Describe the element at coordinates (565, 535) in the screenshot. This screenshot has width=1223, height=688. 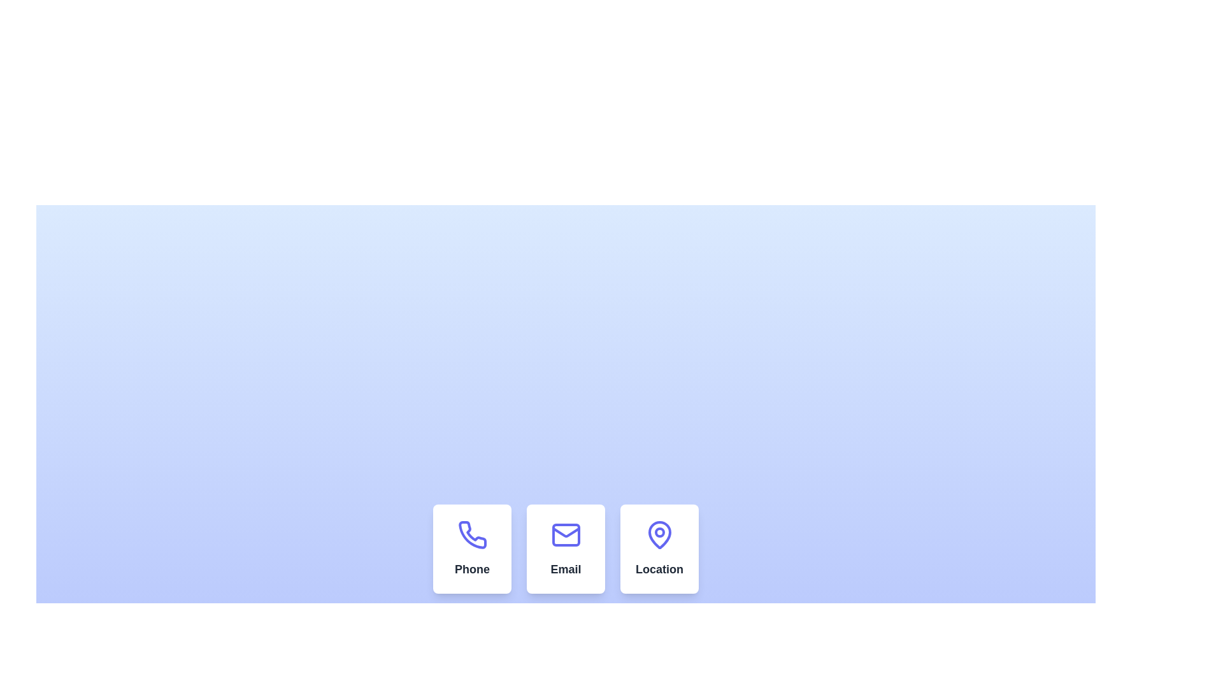
I see `the Decorative Rectangle that is part of the envelope icon, which is located in the middle of the interface above the 'Email' label` at that location.